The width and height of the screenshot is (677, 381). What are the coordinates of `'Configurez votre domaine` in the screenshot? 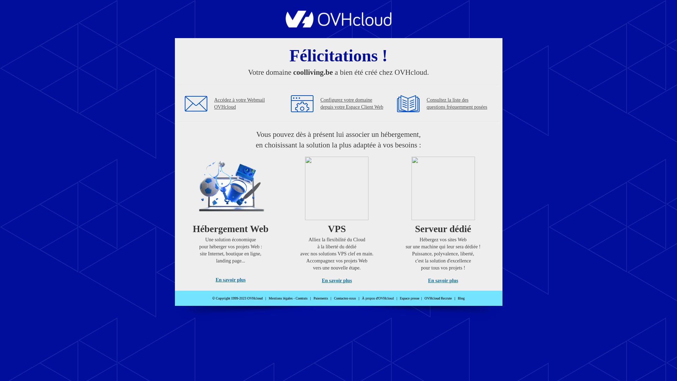 It's located at (352, 103).